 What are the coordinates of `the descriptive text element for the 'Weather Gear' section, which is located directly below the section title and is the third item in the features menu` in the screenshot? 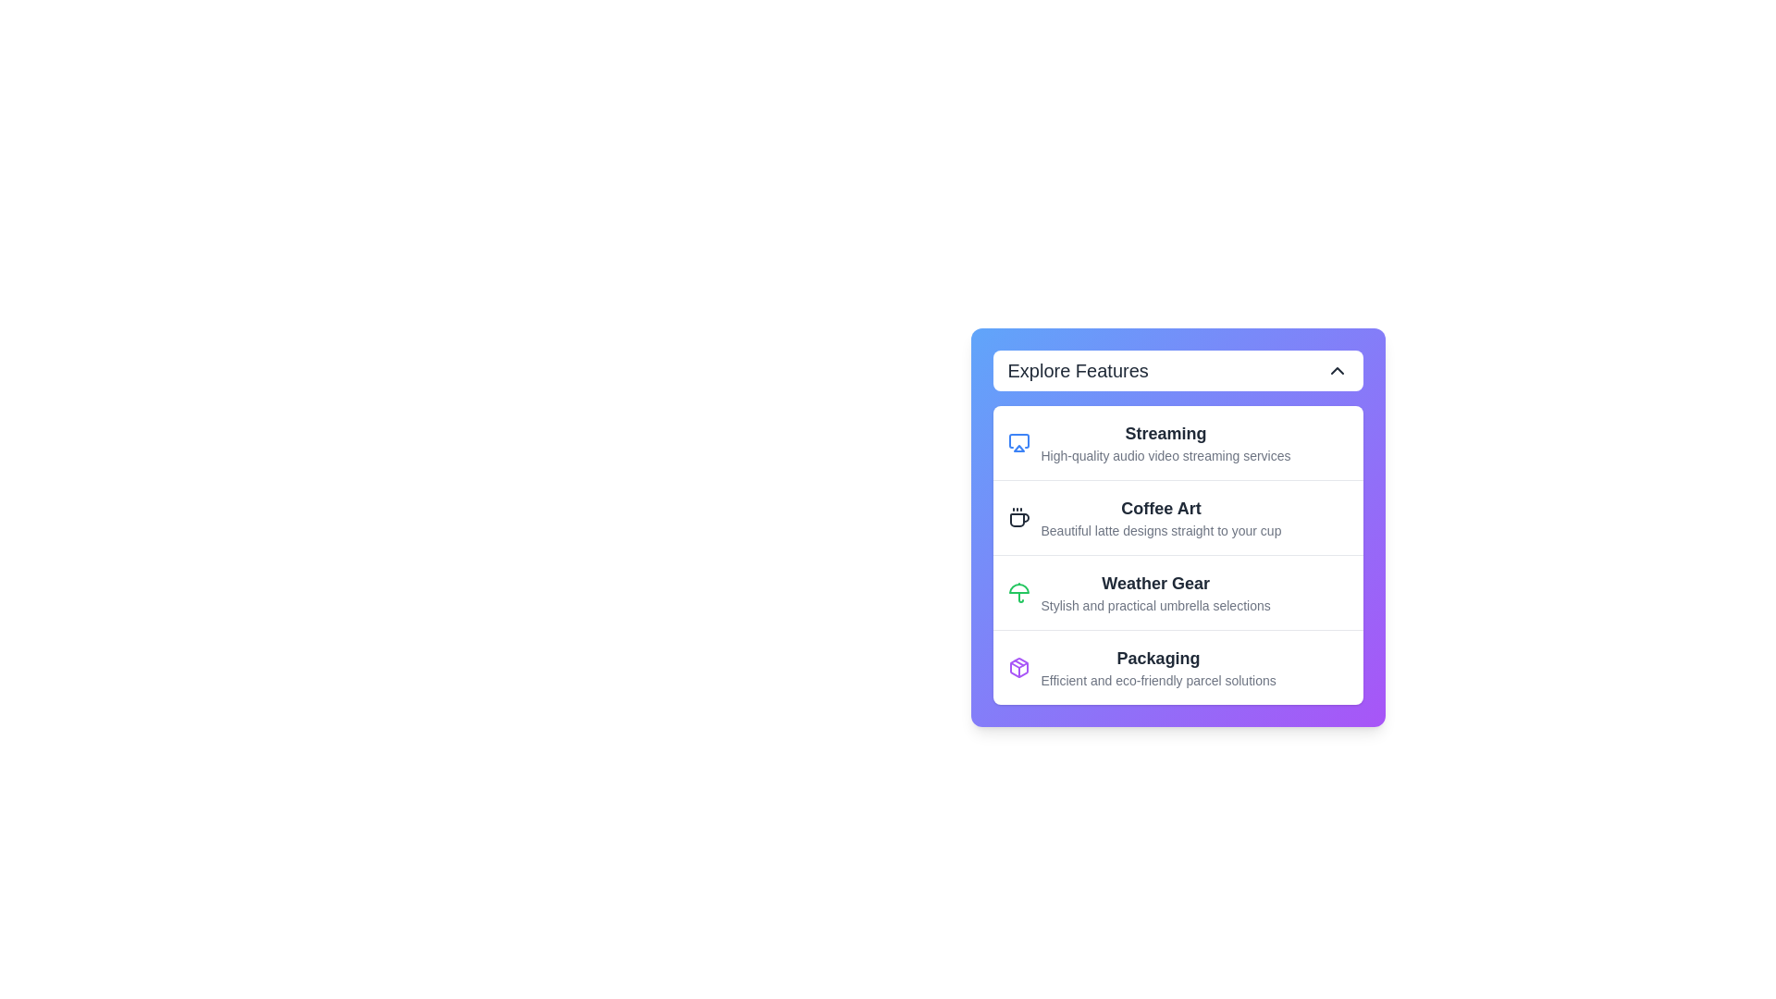 It's located at (1154, 606).